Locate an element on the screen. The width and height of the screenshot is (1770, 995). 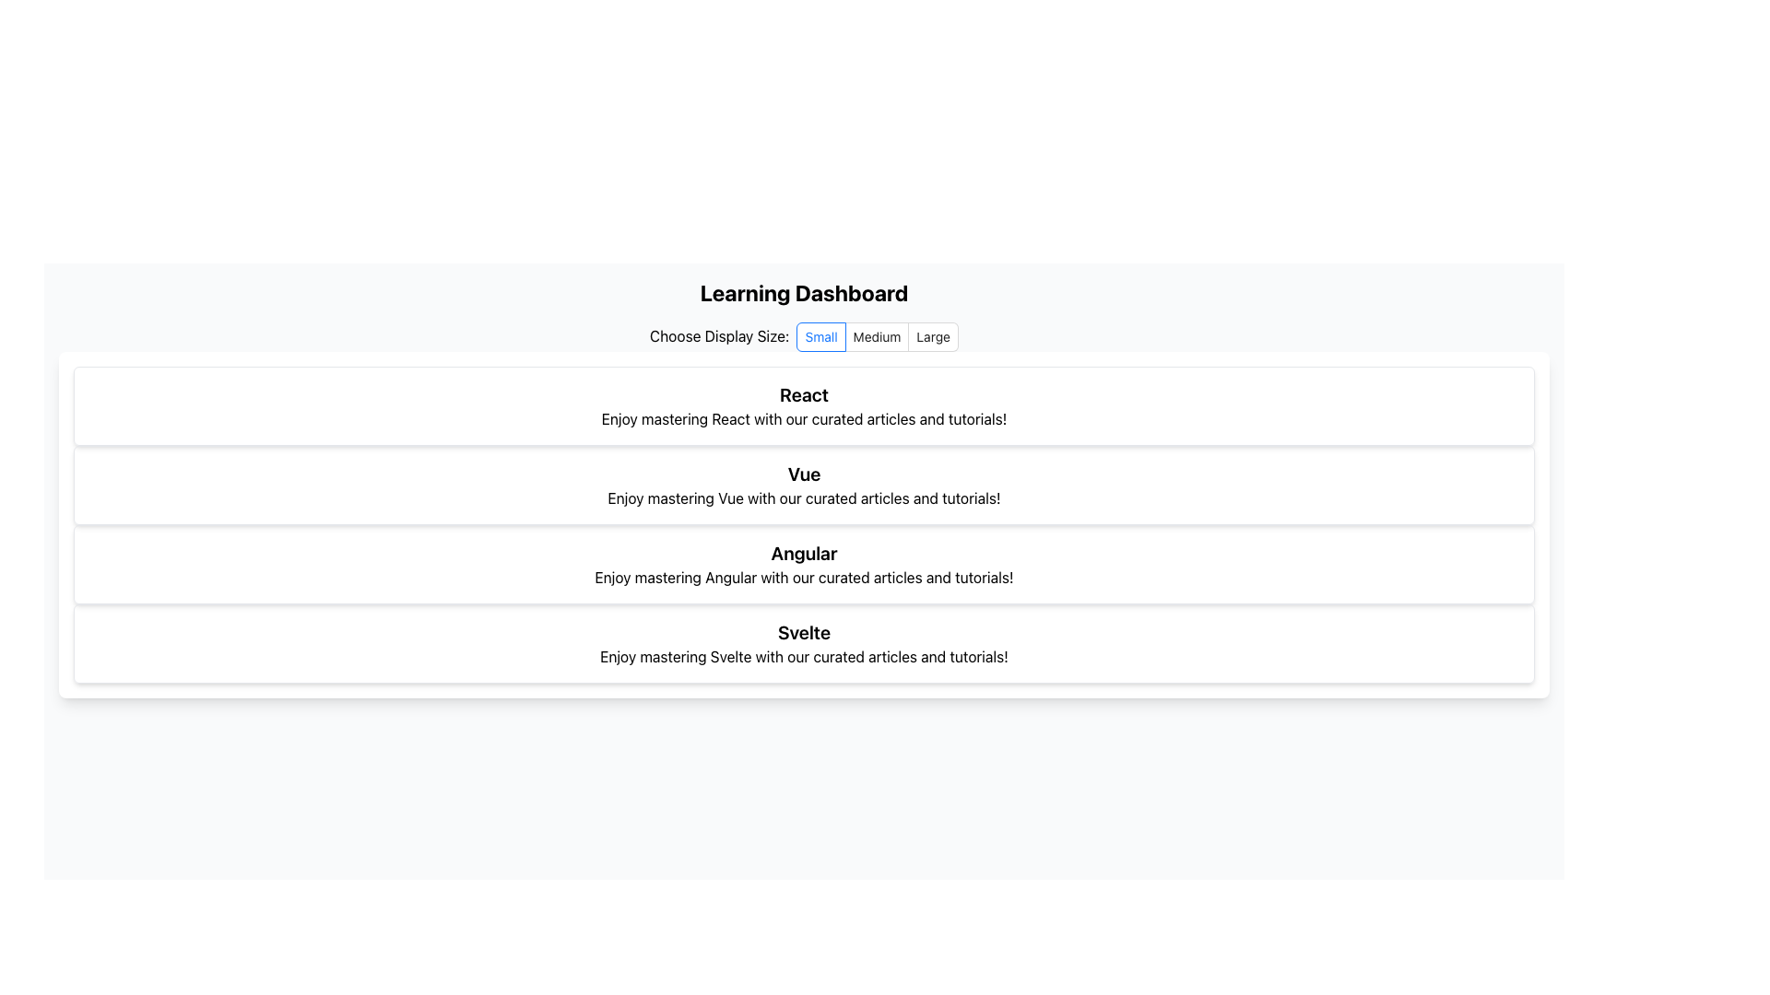
the rightmost radio button labeled 'Large' is located at coordinates (933, 337).